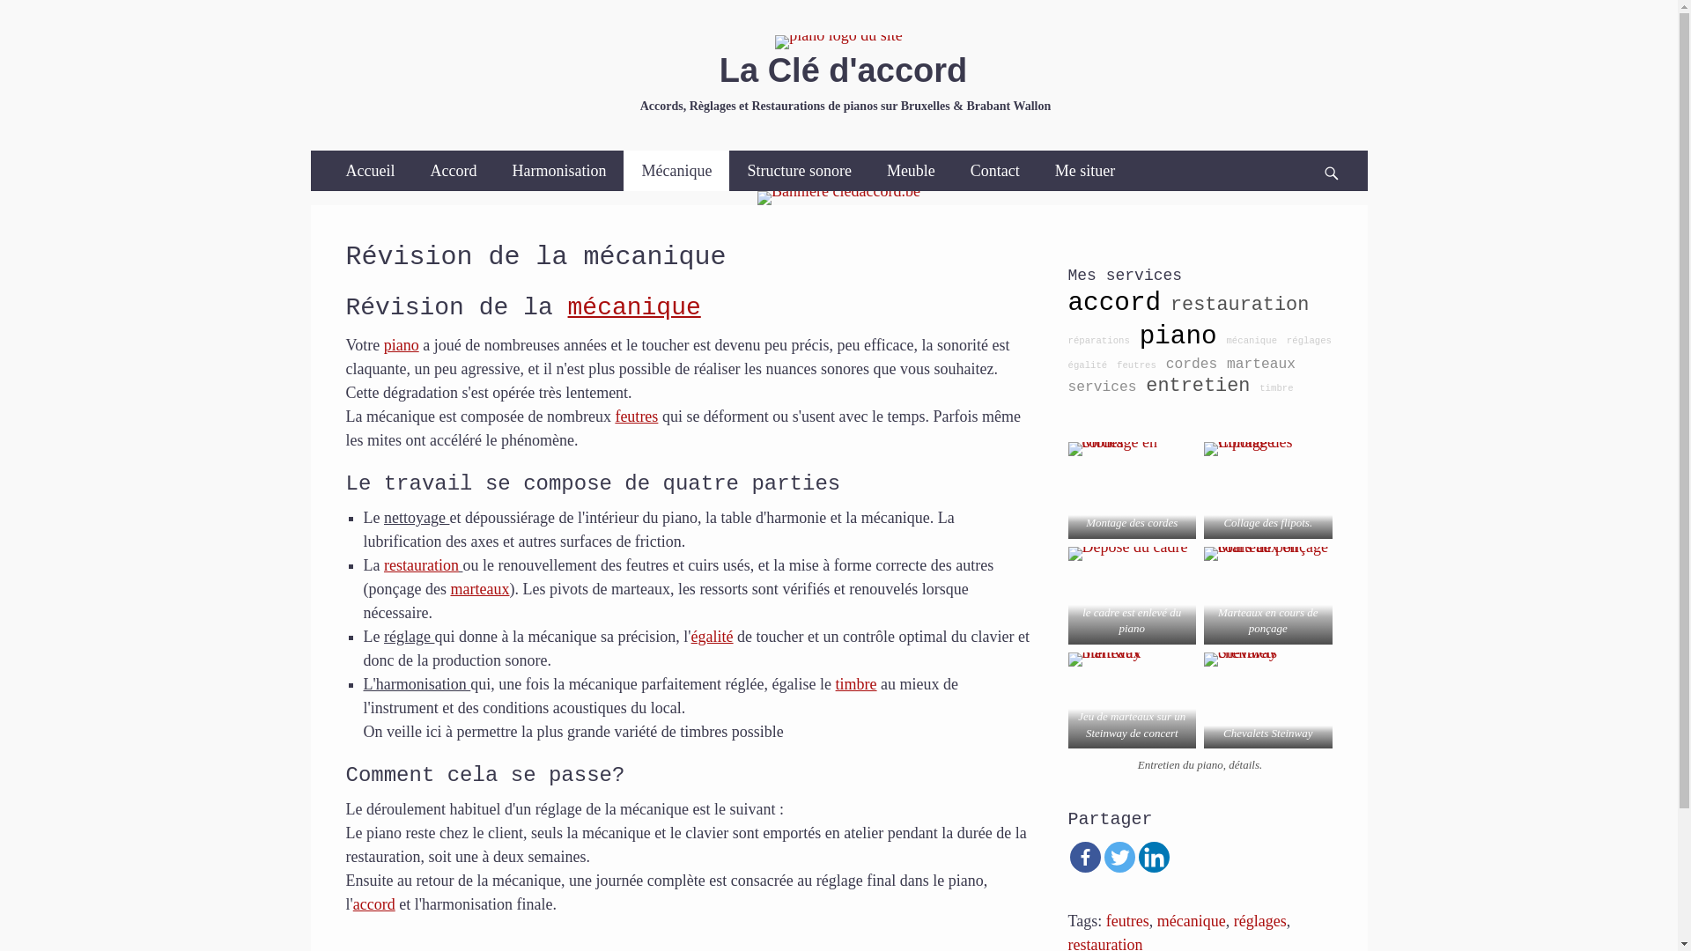  Describe the element at coordinates (835, 682) in the screenshot. I see `'timbre'` at that location.